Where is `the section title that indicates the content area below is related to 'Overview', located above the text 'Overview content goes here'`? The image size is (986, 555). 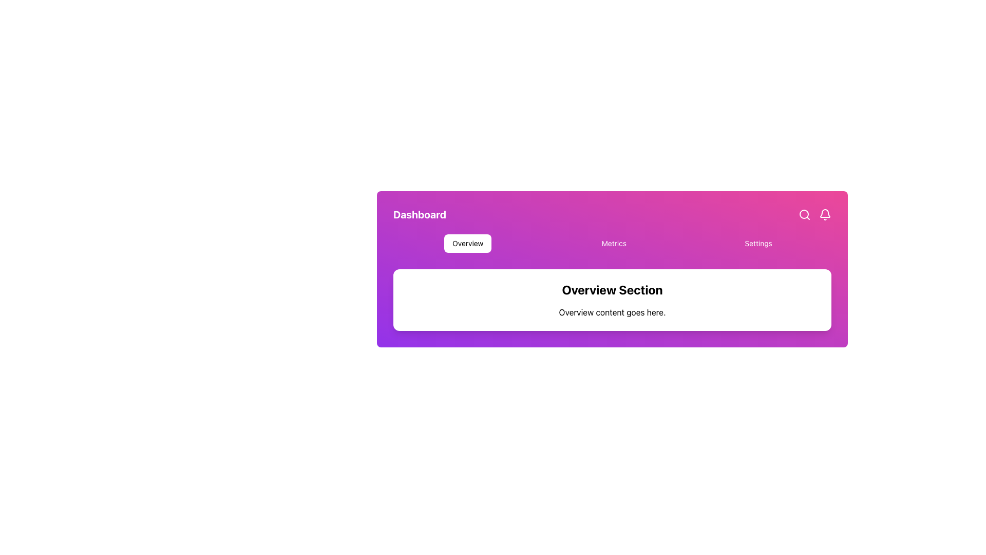 the section title that indicates the content area below is related to 'Overview', located above the text 'Overview content goes here' is located at coordinates (612, 289).